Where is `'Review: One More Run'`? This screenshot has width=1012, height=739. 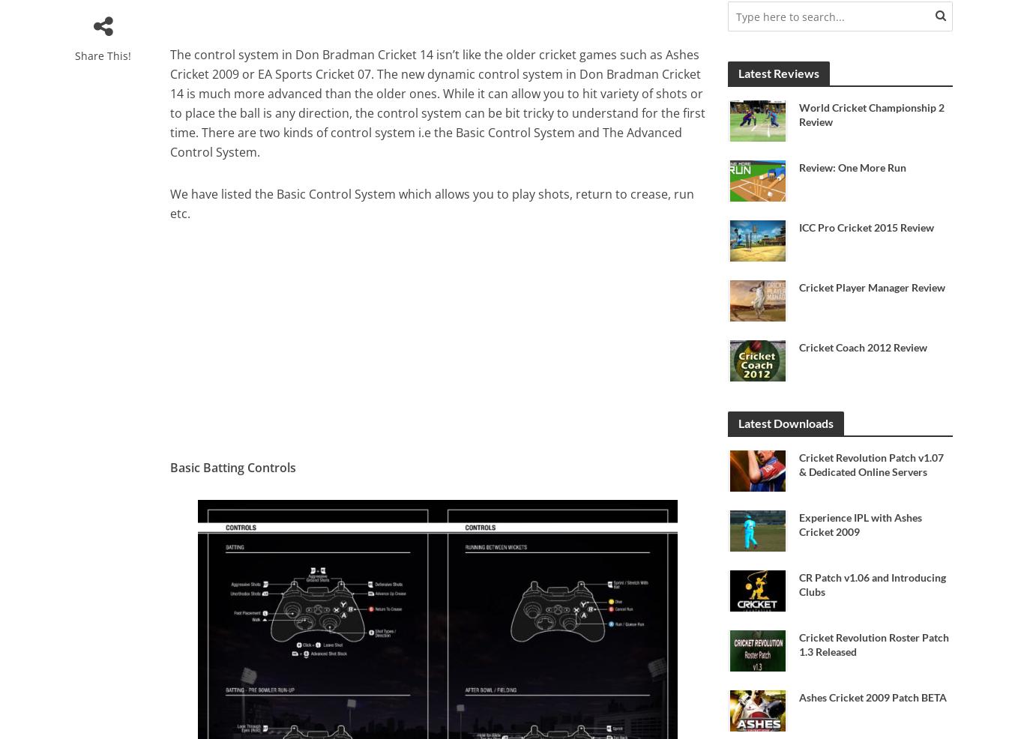
'Review: One More Run' is located at coordinates (852, 166).